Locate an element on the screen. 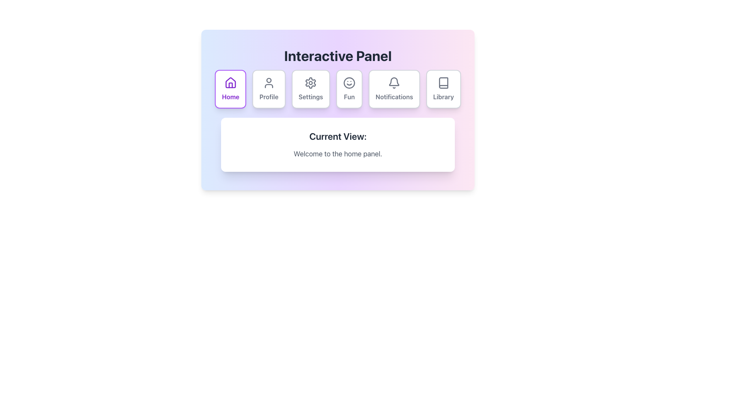 The image size is (742, 417). the book icon located in the Library card at the bottom right corner of the interactive panel is located at coordinates (443, 83).